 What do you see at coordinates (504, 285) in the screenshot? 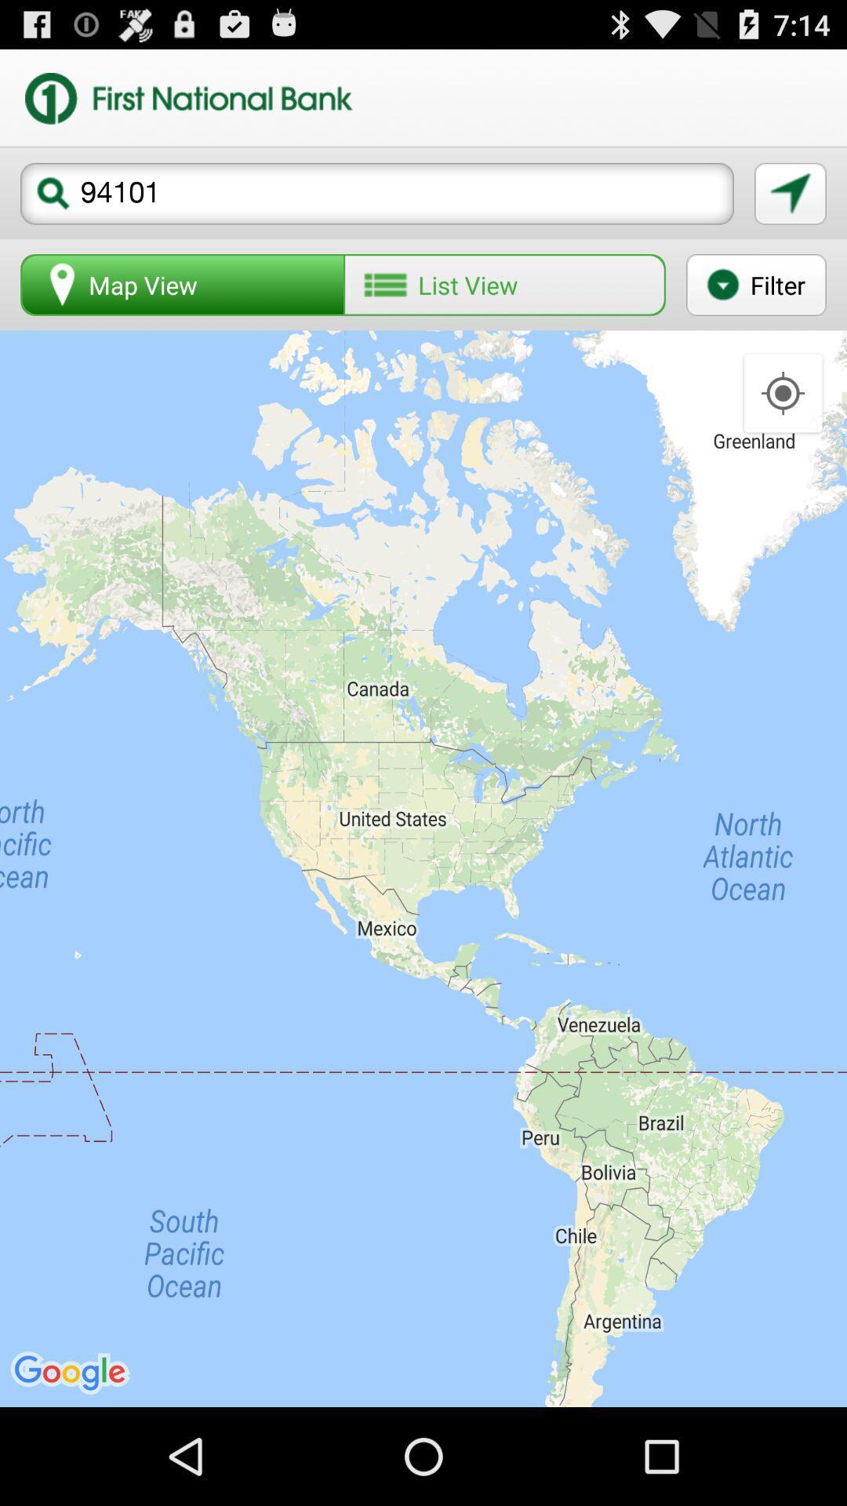
I see `button next to filter icon` at bounding box center [504, 285].